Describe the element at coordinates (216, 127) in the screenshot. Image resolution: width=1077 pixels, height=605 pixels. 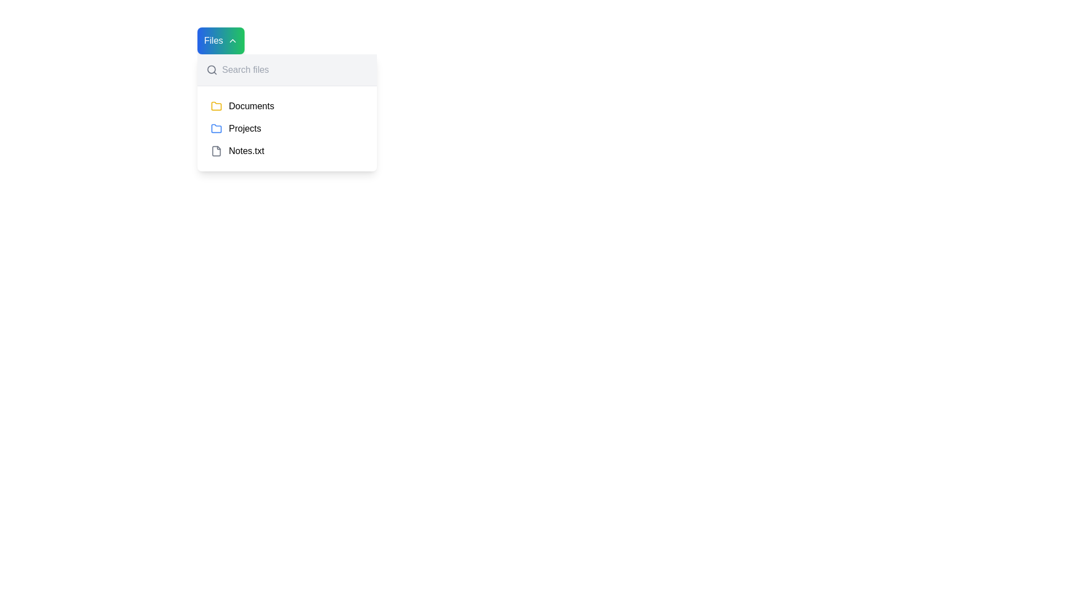
I see `the folder-like icon with rounded edges and a notch, filled with light blue color, located next to the 'Documents' label in the dropdown panel` at that location.